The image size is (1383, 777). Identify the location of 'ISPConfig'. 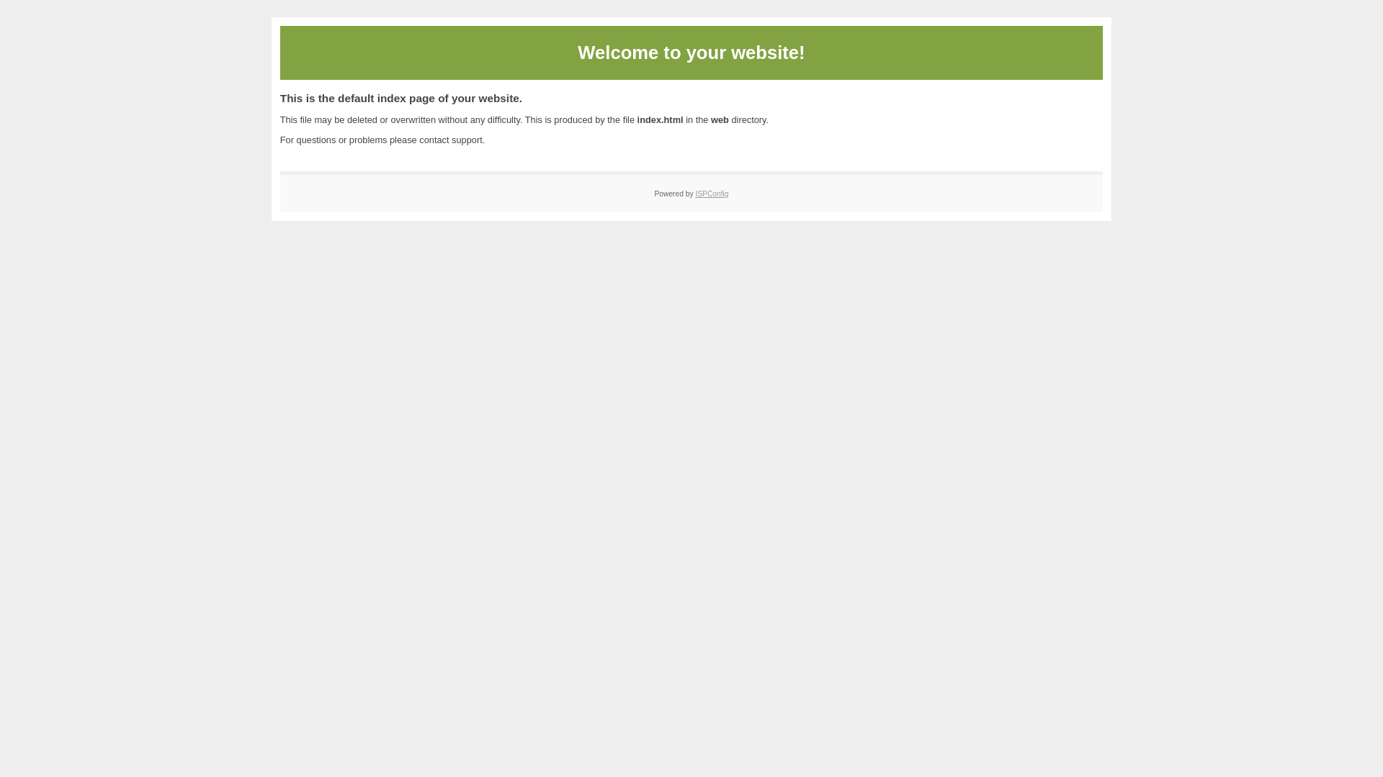
(712, 193).